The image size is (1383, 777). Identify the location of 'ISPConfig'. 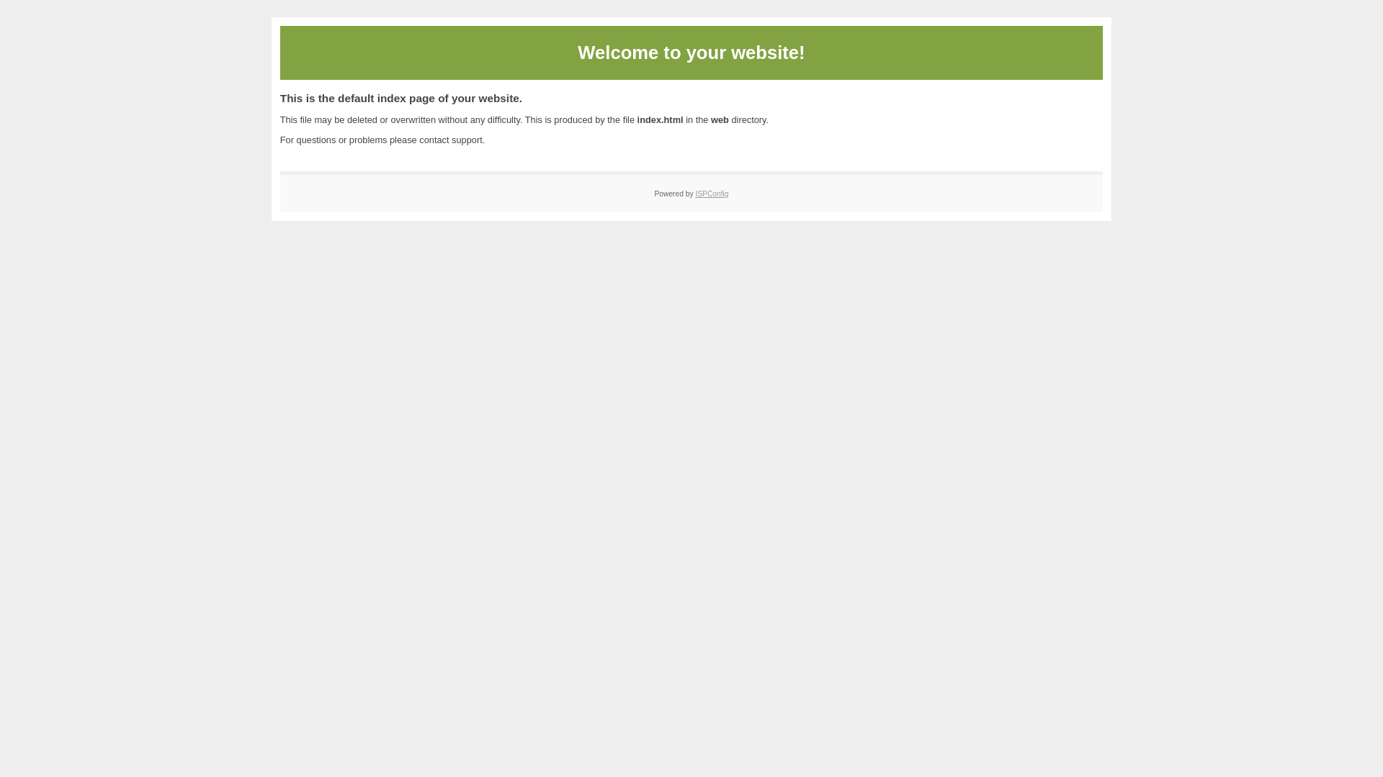
(712, 193).